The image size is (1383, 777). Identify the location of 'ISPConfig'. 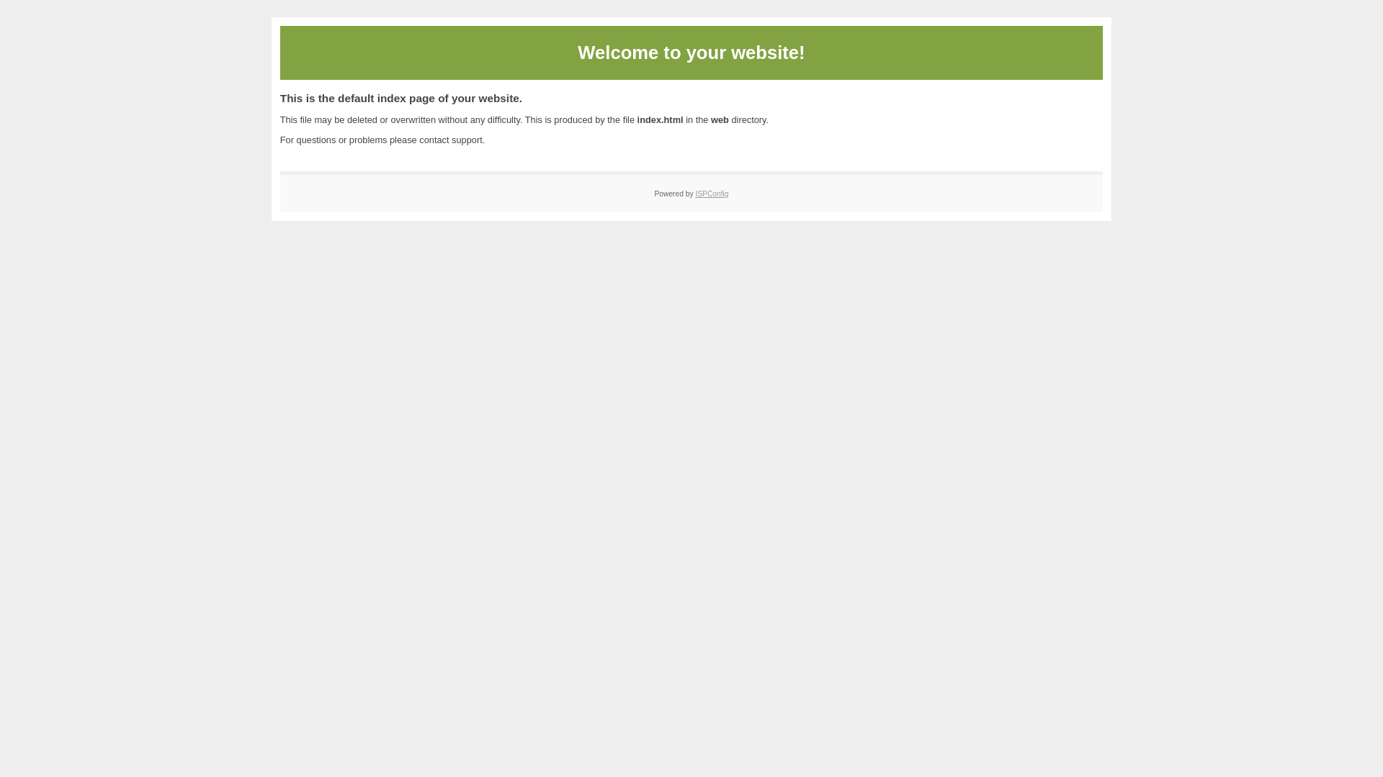
(712, 193).